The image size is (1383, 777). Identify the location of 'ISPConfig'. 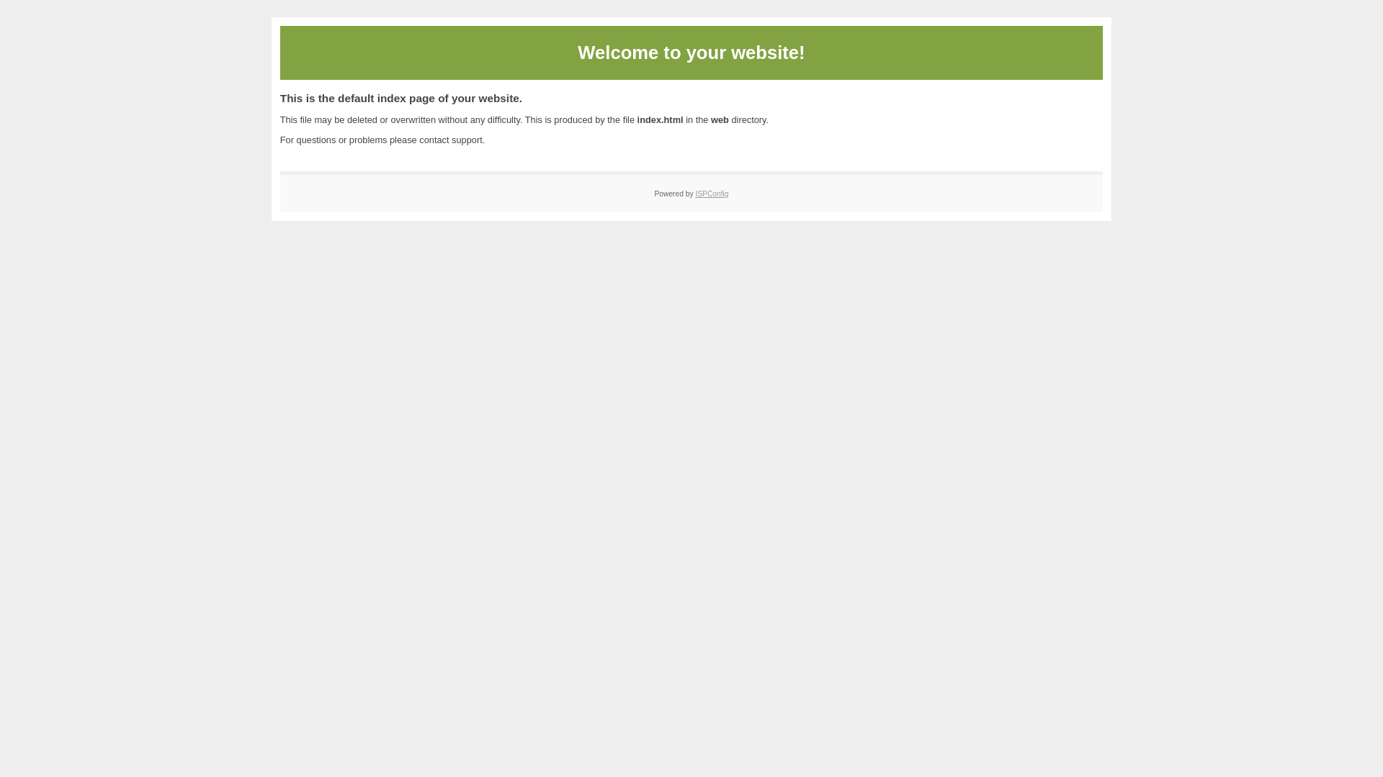
(712, 193).